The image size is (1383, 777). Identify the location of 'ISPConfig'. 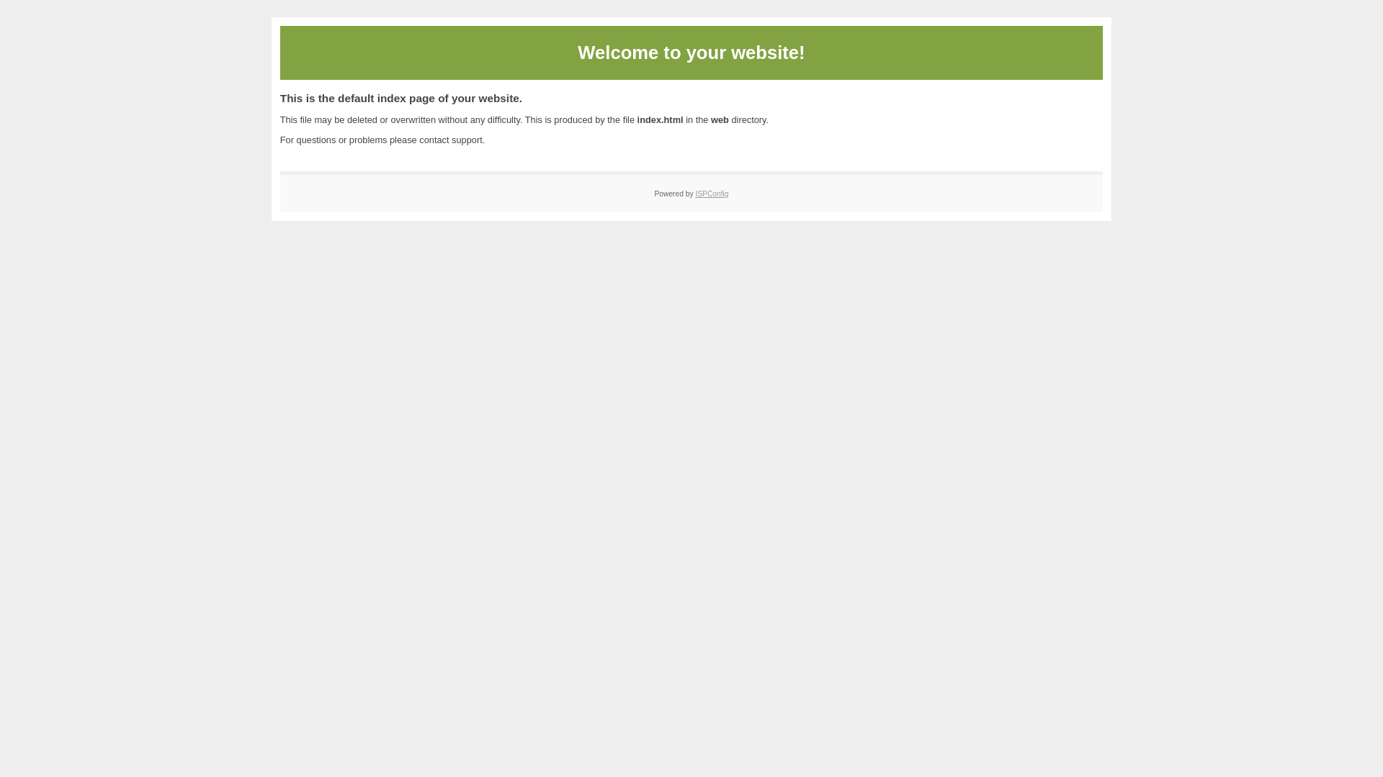
(712, 193).